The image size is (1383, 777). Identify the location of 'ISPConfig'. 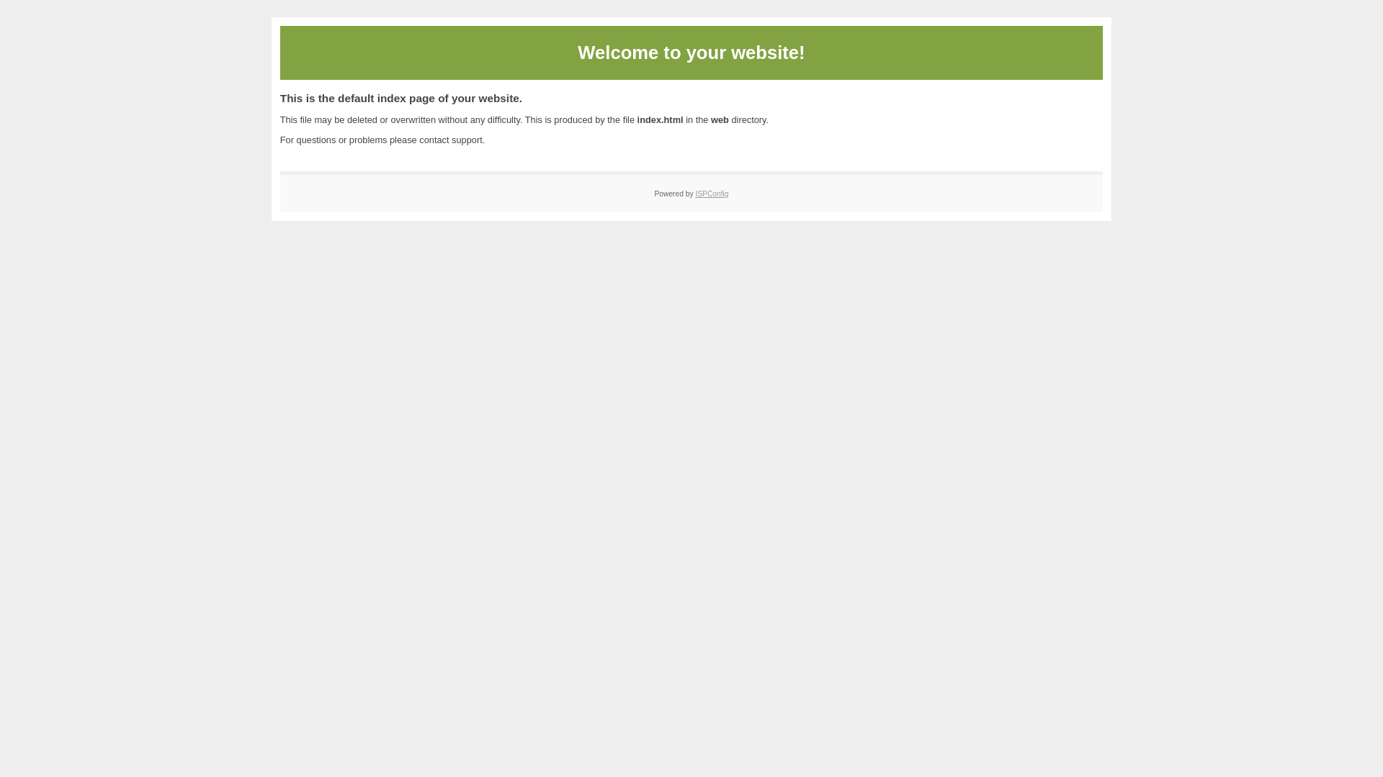
(712, 193).